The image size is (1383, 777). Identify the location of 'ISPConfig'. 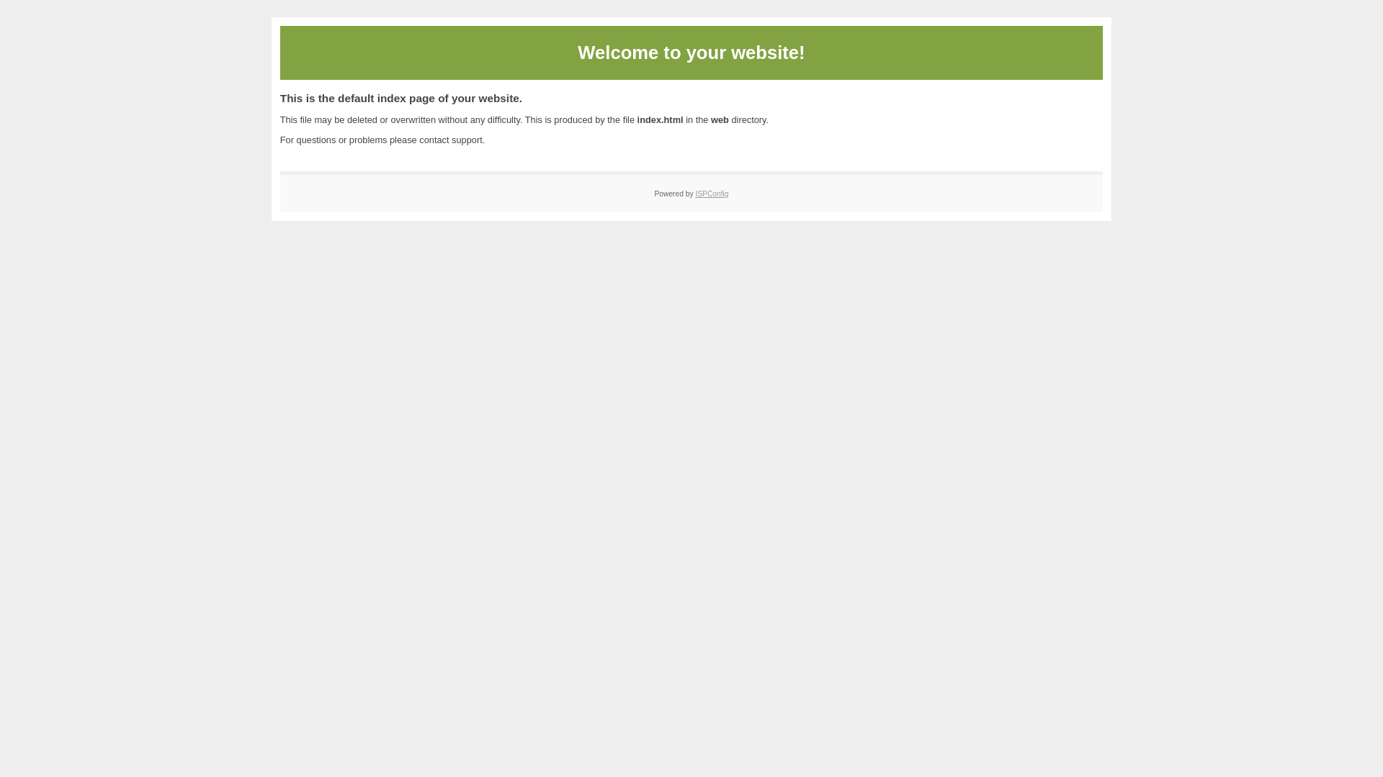
(712, 193).